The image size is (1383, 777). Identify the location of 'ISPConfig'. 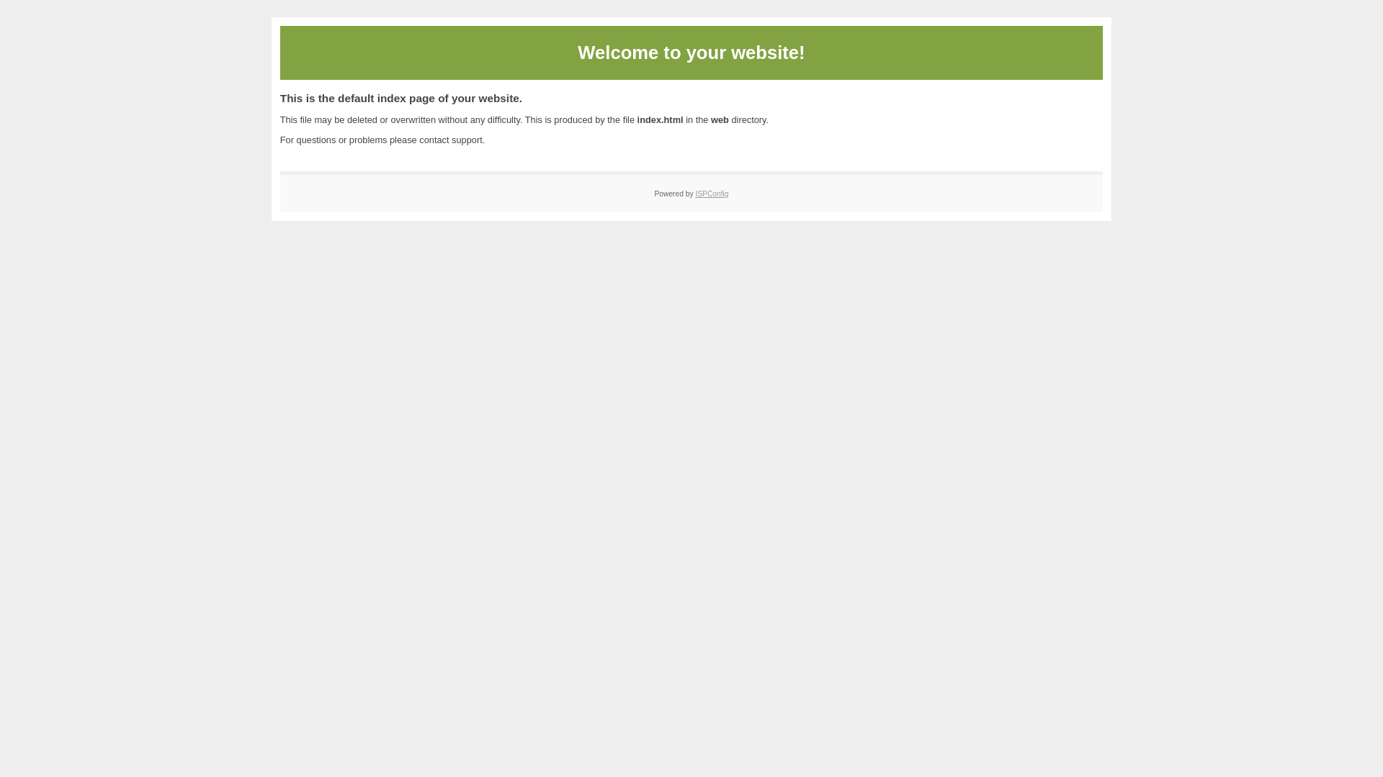
(712, 193).